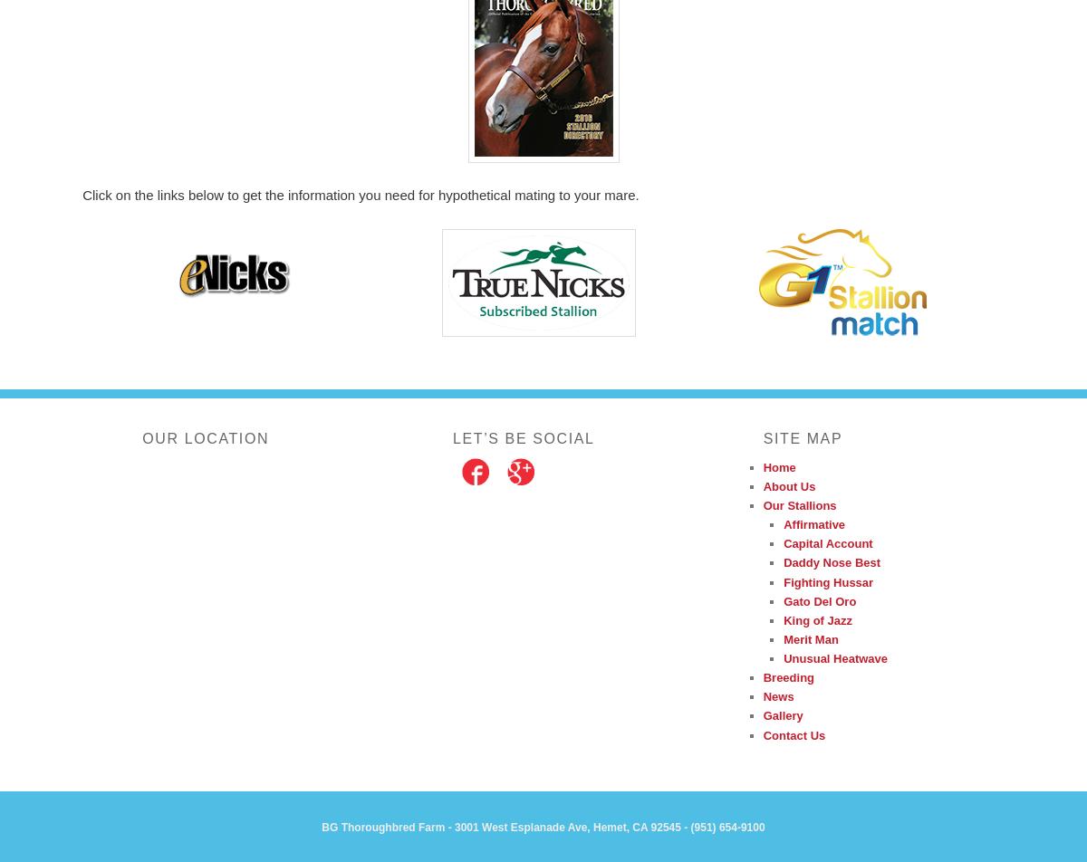  Describe the element at coordinates (762, 505) in the screenshot. I see `'Our Stallions'` at that location.